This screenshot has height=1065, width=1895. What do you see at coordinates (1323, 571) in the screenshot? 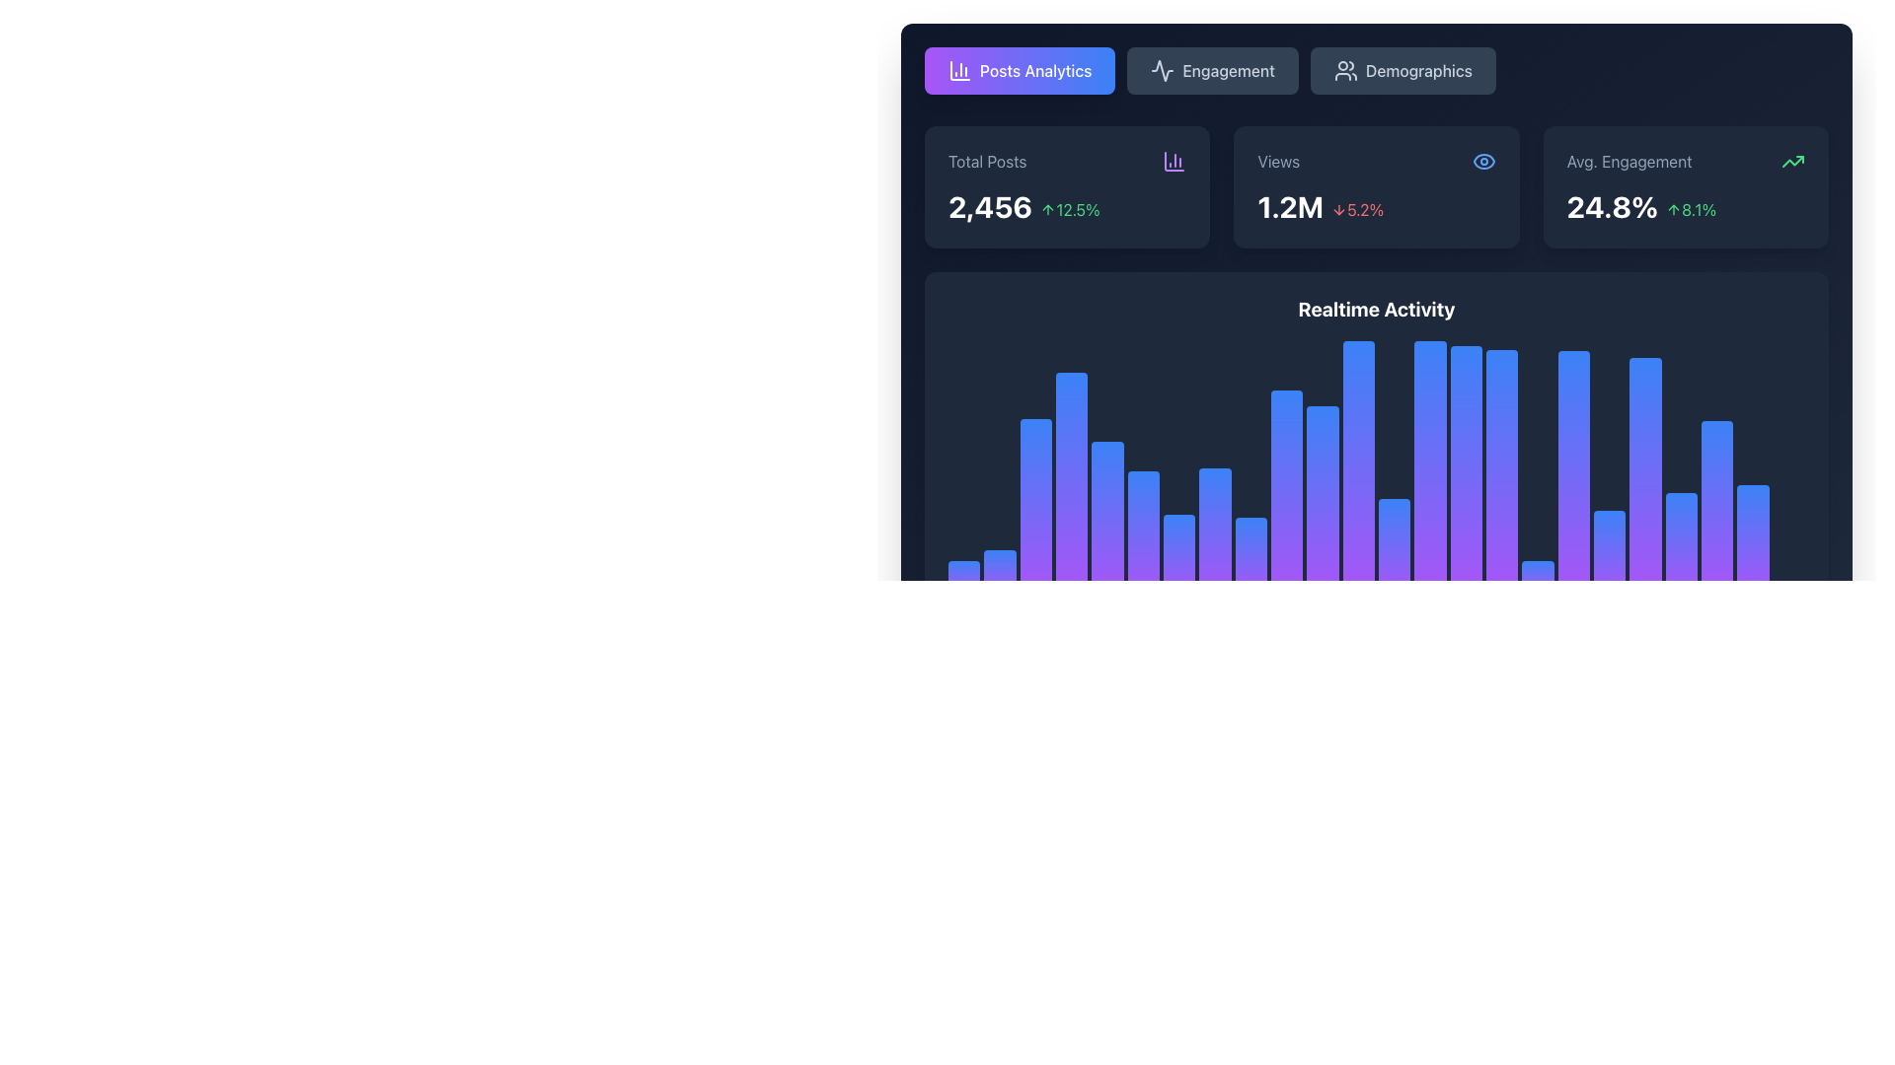
I see `the eleventh bar in the 'Realtime Activity' section of the bar chart, which visually represents a data point related to an analytic metric or trend` at bounding box center [1323, 571].